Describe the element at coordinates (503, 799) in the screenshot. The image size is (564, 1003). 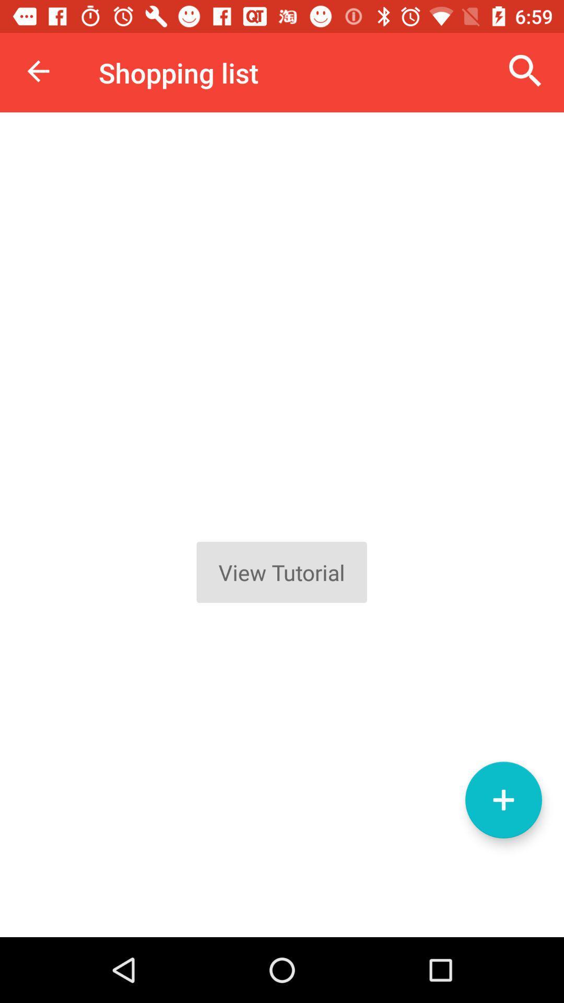
I see `item` at that location.